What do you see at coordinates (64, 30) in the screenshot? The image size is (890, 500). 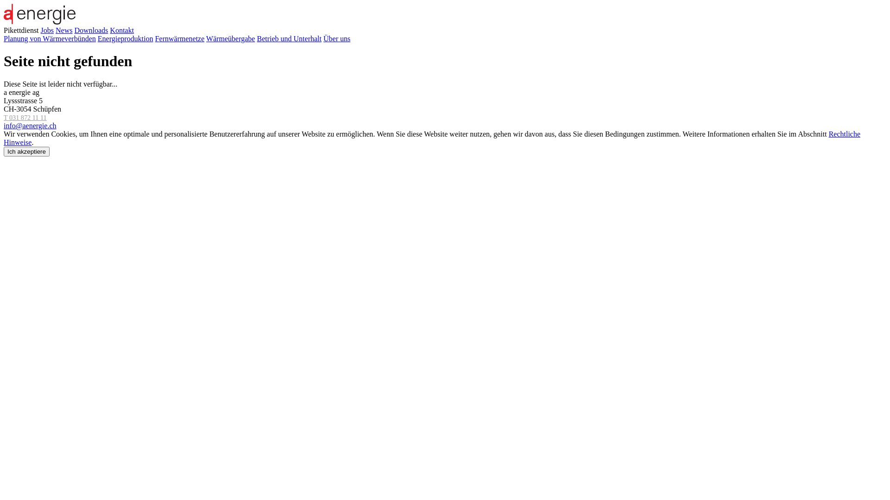 I see `'News'` at bounding box center [64, 30].